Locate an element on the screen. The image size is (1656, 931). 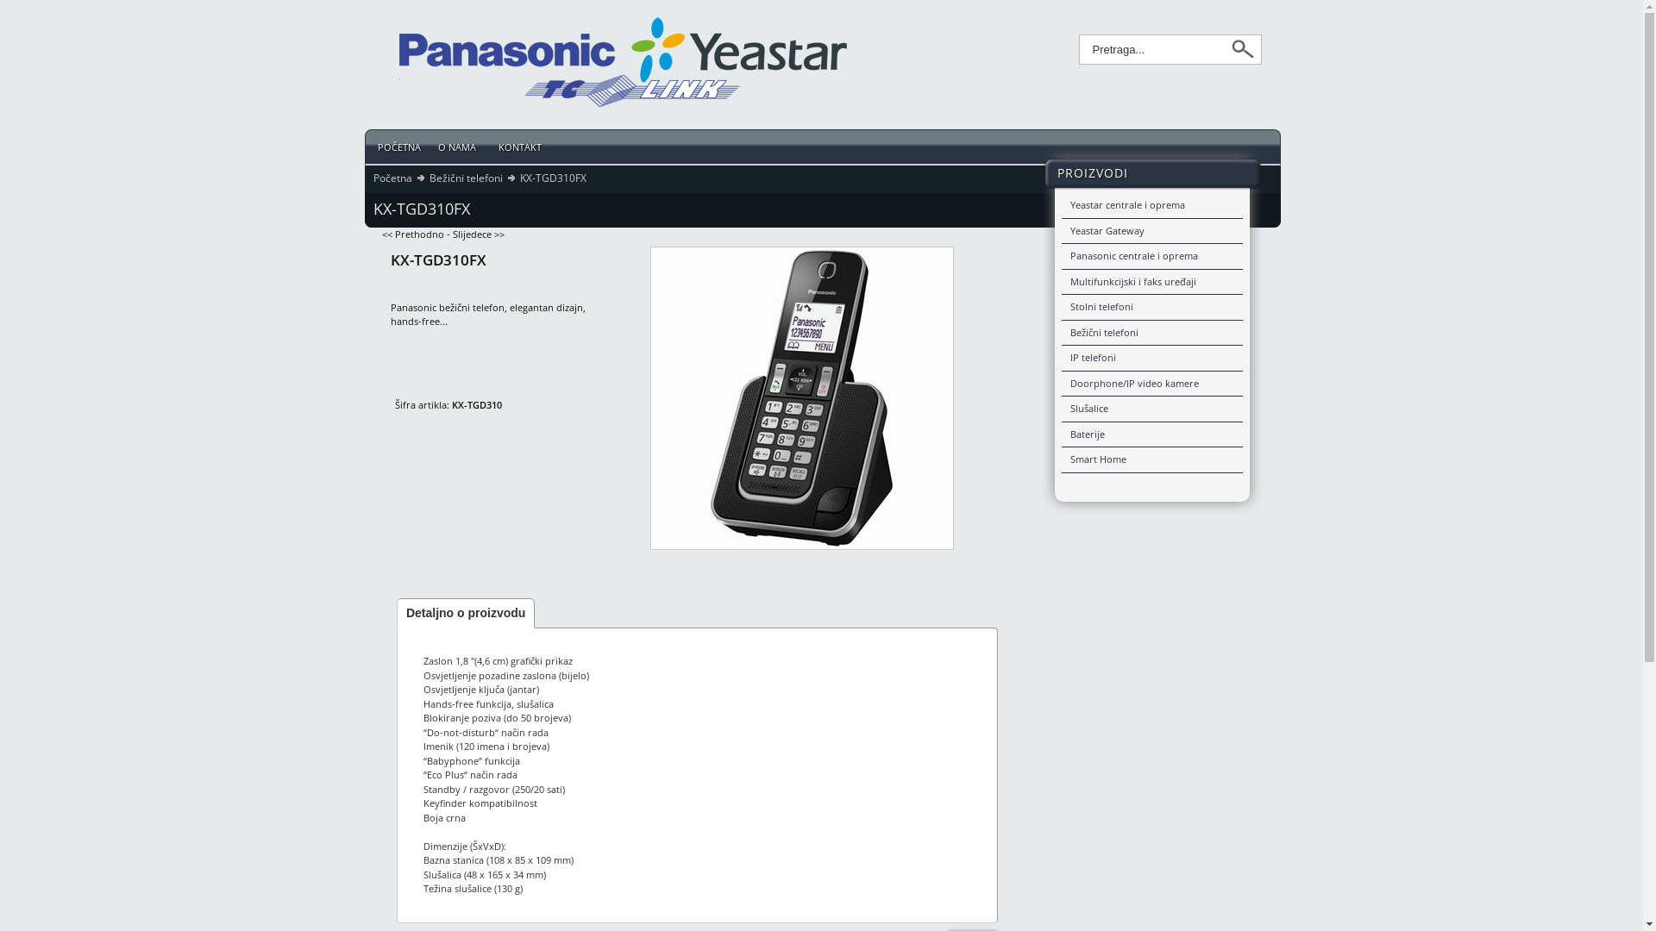
'O NAMA  ' is located at coordinates (430, 146).